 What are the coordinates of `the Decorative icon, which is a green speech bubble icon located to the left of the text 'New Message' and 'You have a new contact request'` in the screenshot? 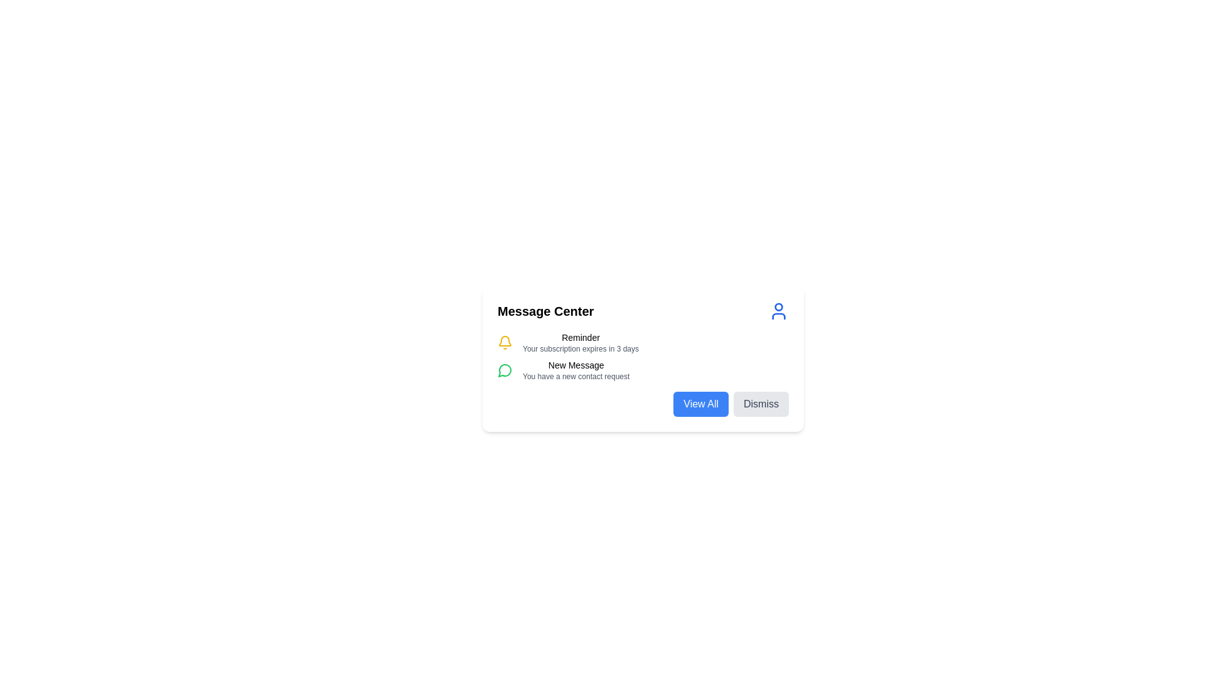 It's located at (505, 370).